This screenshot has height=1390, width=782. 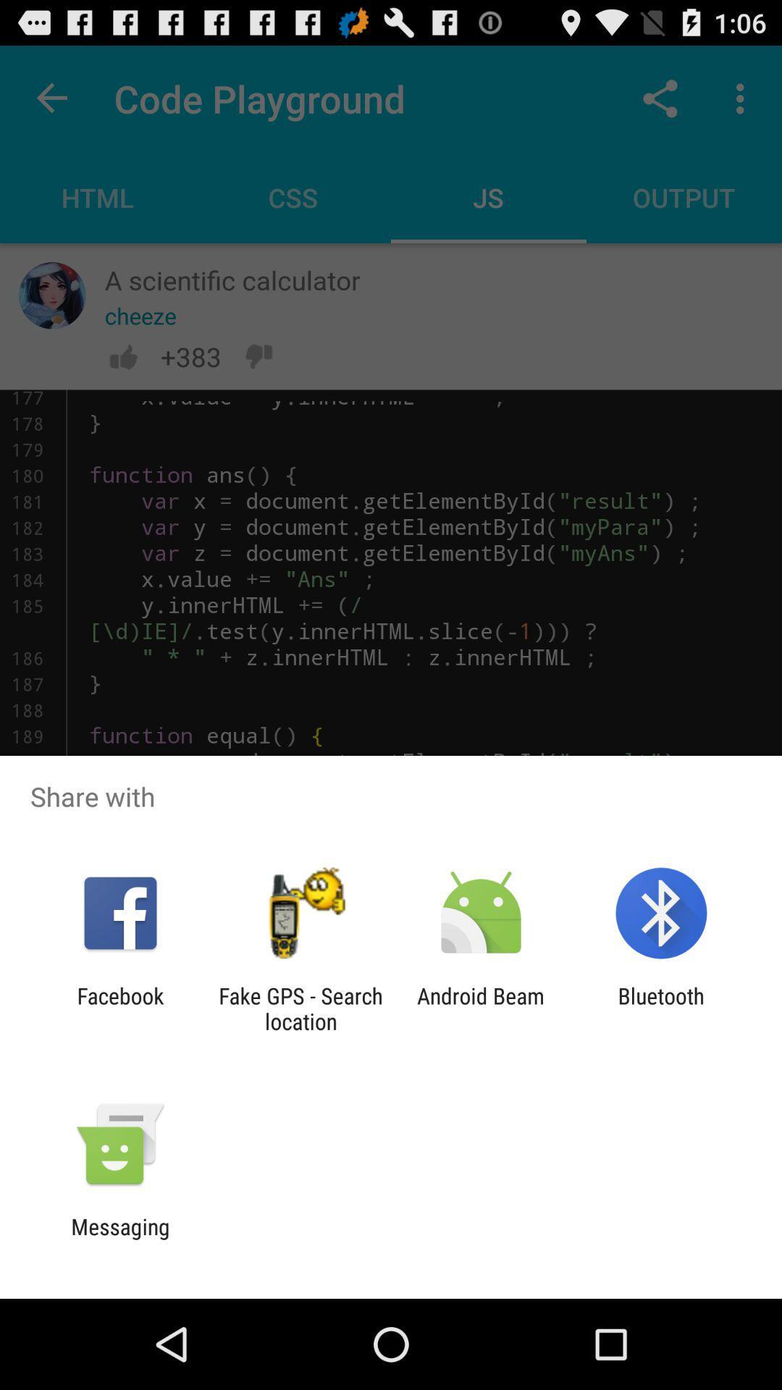 What do you see at coordinates (661, 1008) in the screenshot?
I see `app at the bottom right corner` at bounding box center [661, 1008].